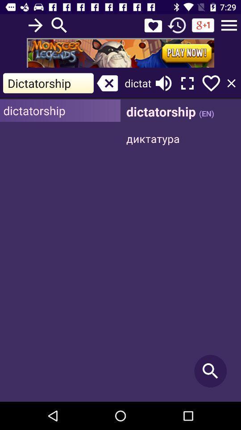  Describe the element at coordinates (229, 25) in the screenshot. I see `the menu at top right corner` at that location.